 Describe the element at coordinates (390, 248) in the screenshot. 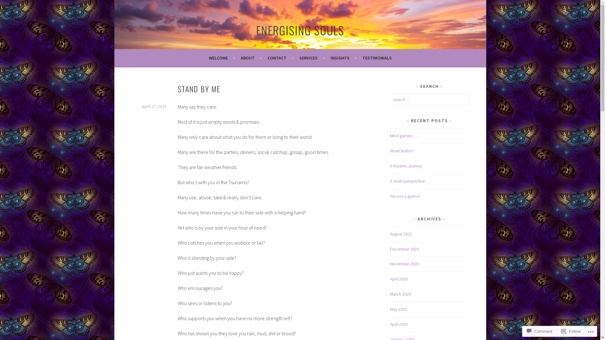

I see `'December 2020'` at that location.